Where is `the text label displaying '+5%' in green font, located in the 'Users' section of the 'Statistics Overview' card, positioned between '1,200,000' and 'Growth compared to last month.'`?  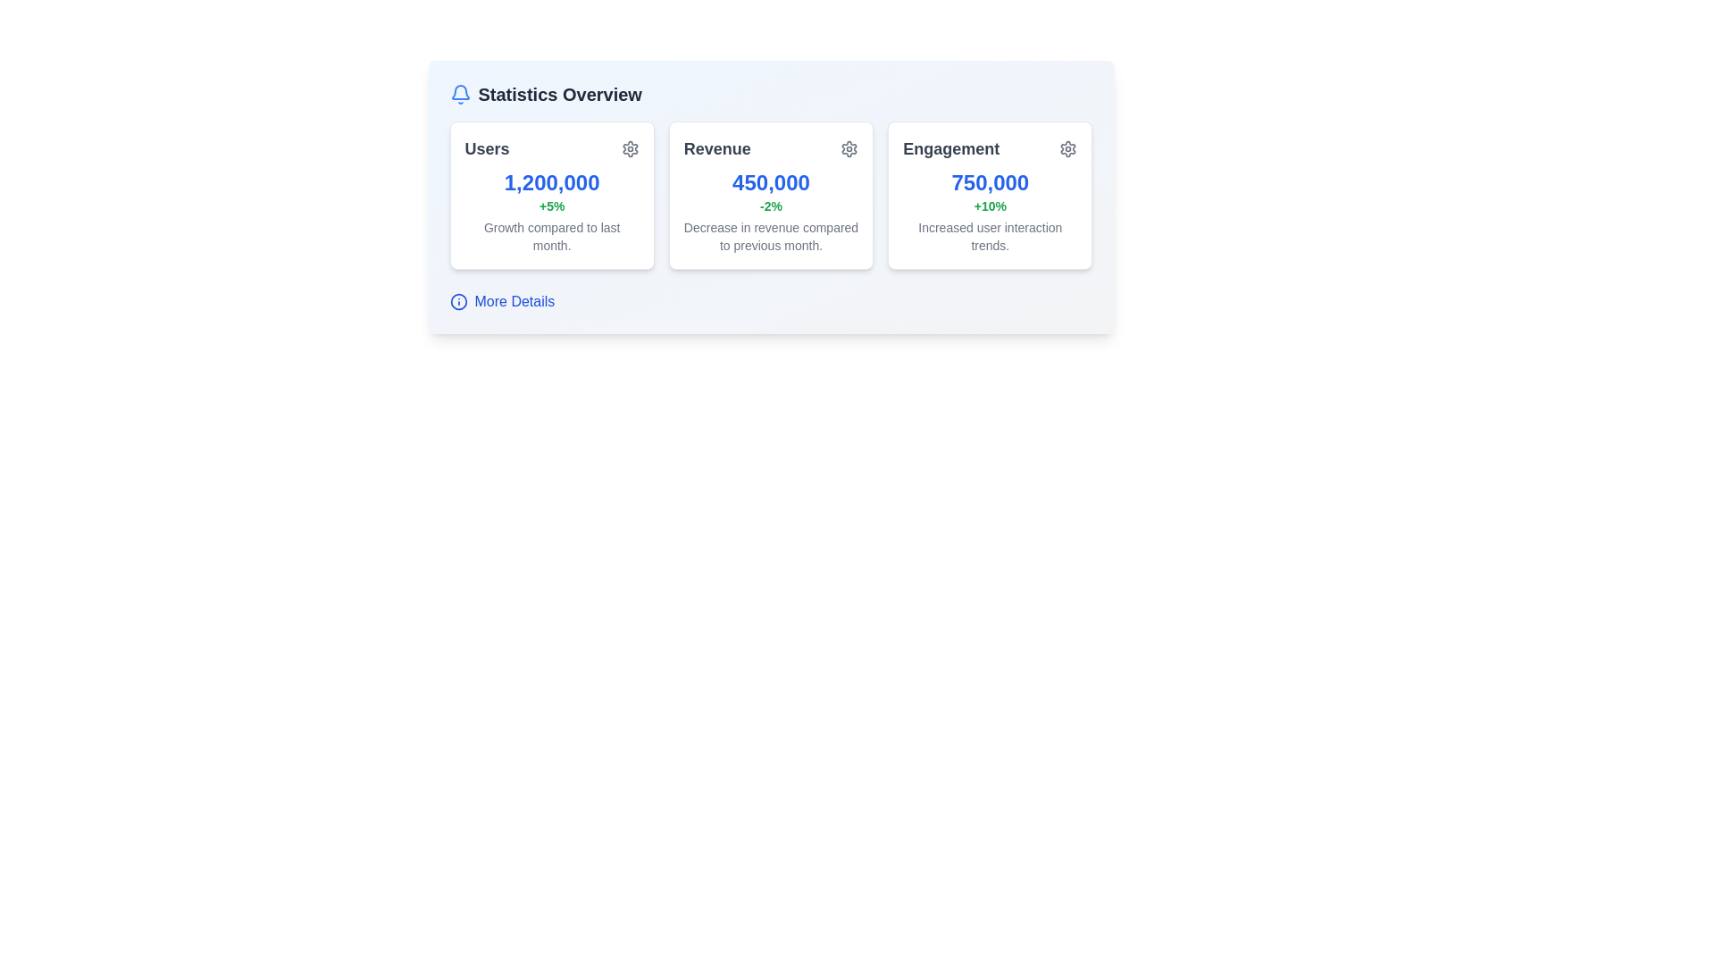 the text label displaying '+5%' in green font, located in the 'Users' section of the 'Statistics Overview' card, positioned between '1,200,000' and 'Growth compared to last month.' is located at coordinates (551, 206).